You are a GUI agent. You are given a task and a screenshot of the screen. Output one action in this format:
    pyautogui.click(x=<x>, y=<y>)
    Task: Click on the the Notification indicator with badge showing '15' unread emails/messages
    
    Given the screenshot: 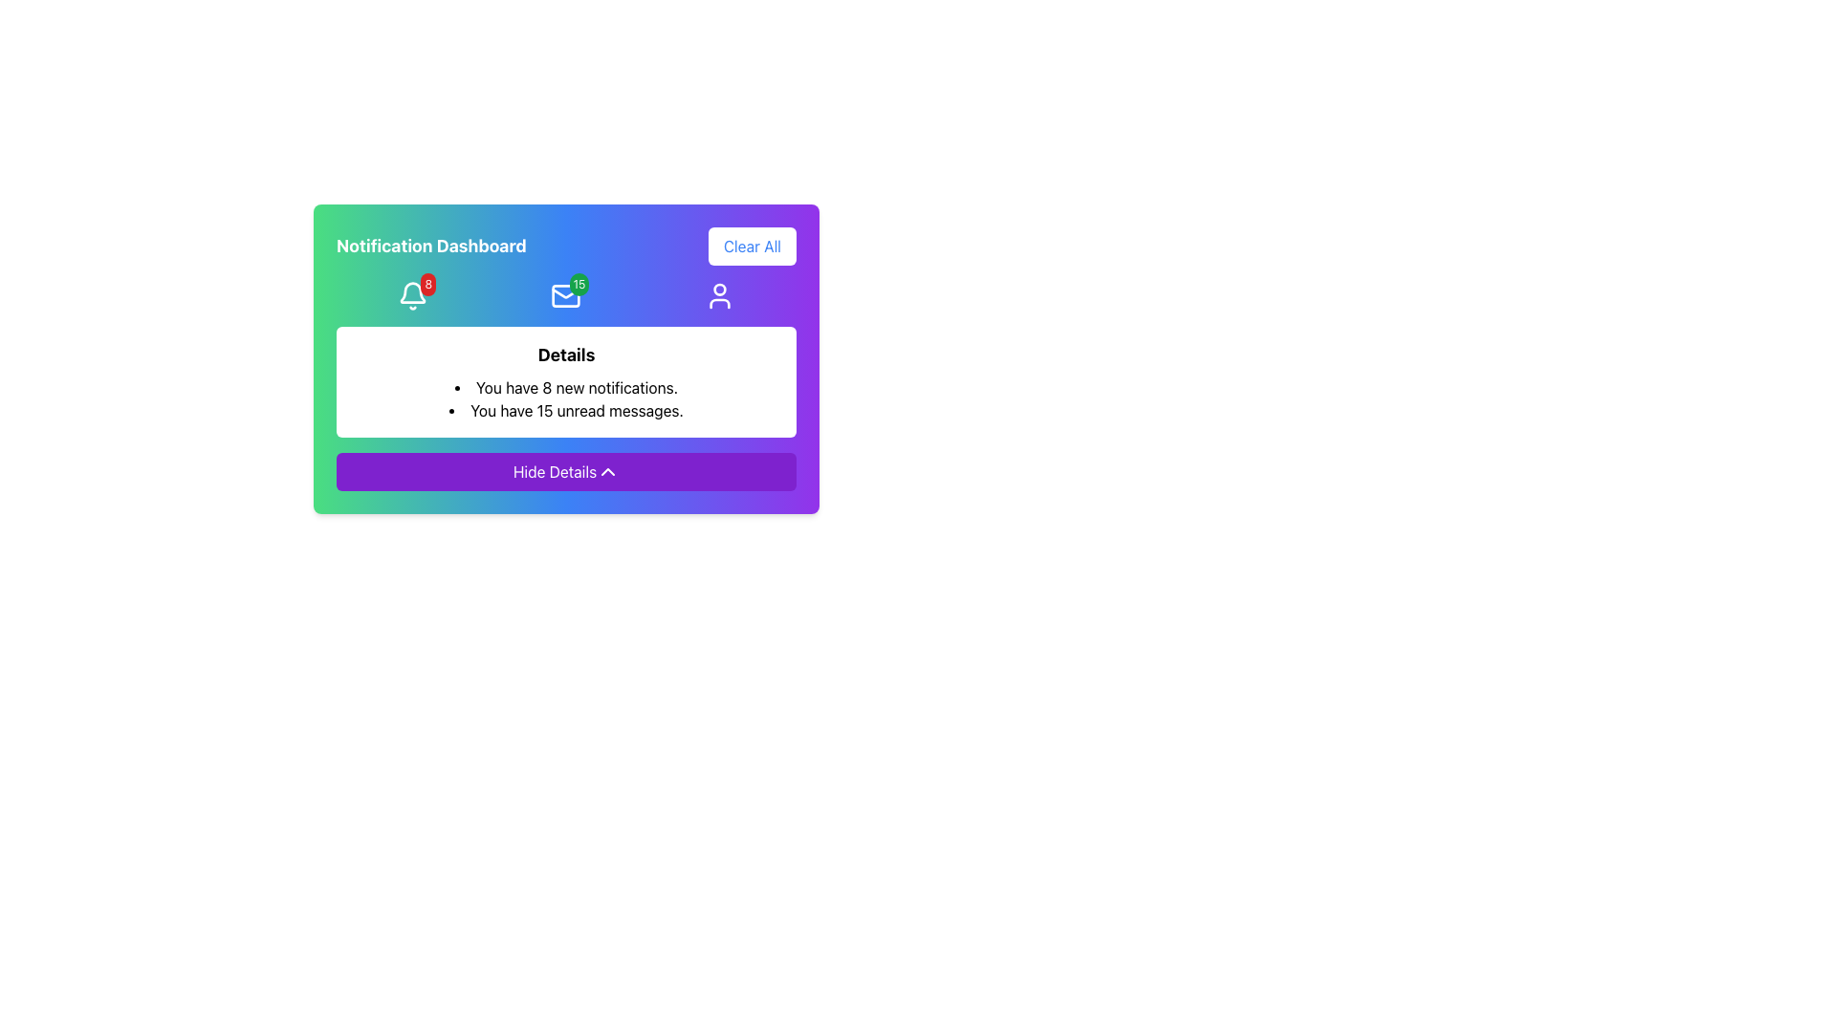 What is the action you would take?
    pyautogui.click(x=565, y=295)
    